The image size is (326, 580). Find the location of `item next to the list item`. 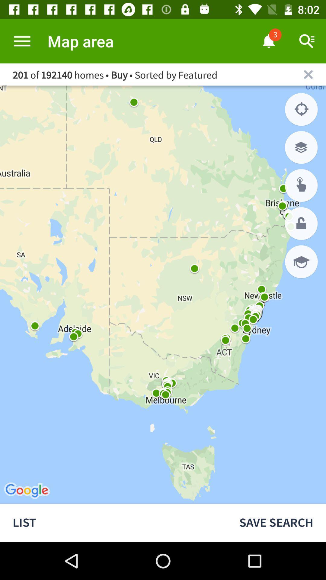

item next to the list item is located at coordinates (276, 523).